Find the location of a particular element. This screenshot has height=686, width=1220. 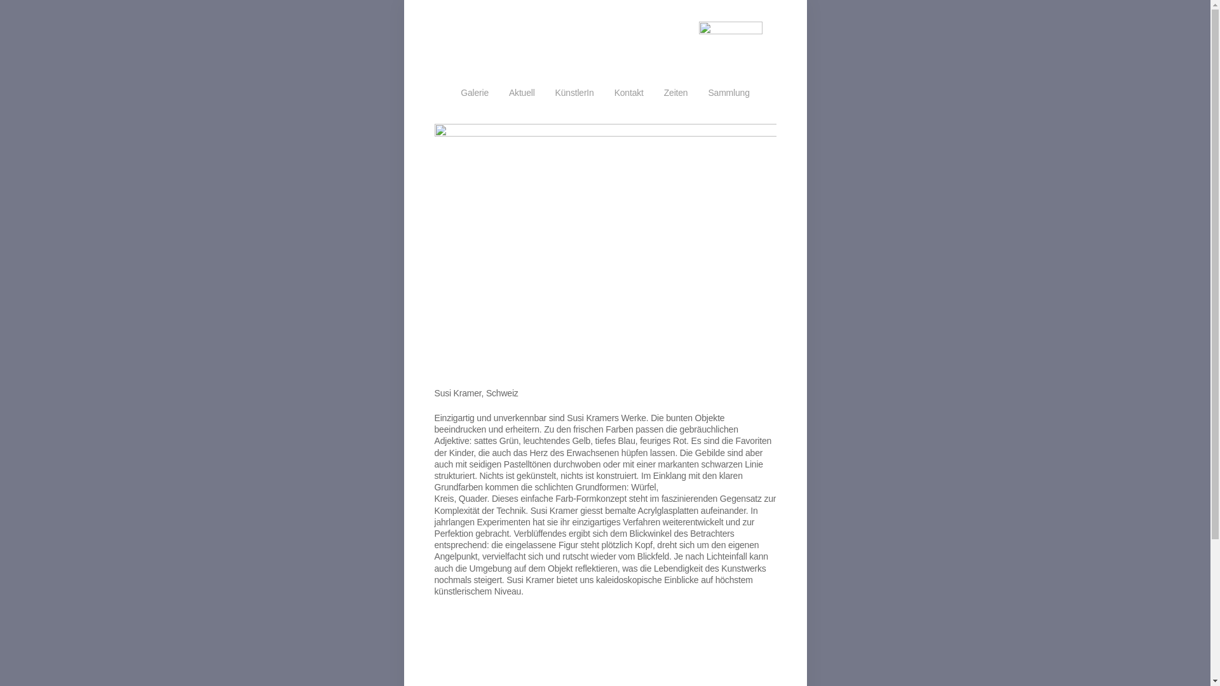

'Aktuell' is located at coordinates (509, 92).